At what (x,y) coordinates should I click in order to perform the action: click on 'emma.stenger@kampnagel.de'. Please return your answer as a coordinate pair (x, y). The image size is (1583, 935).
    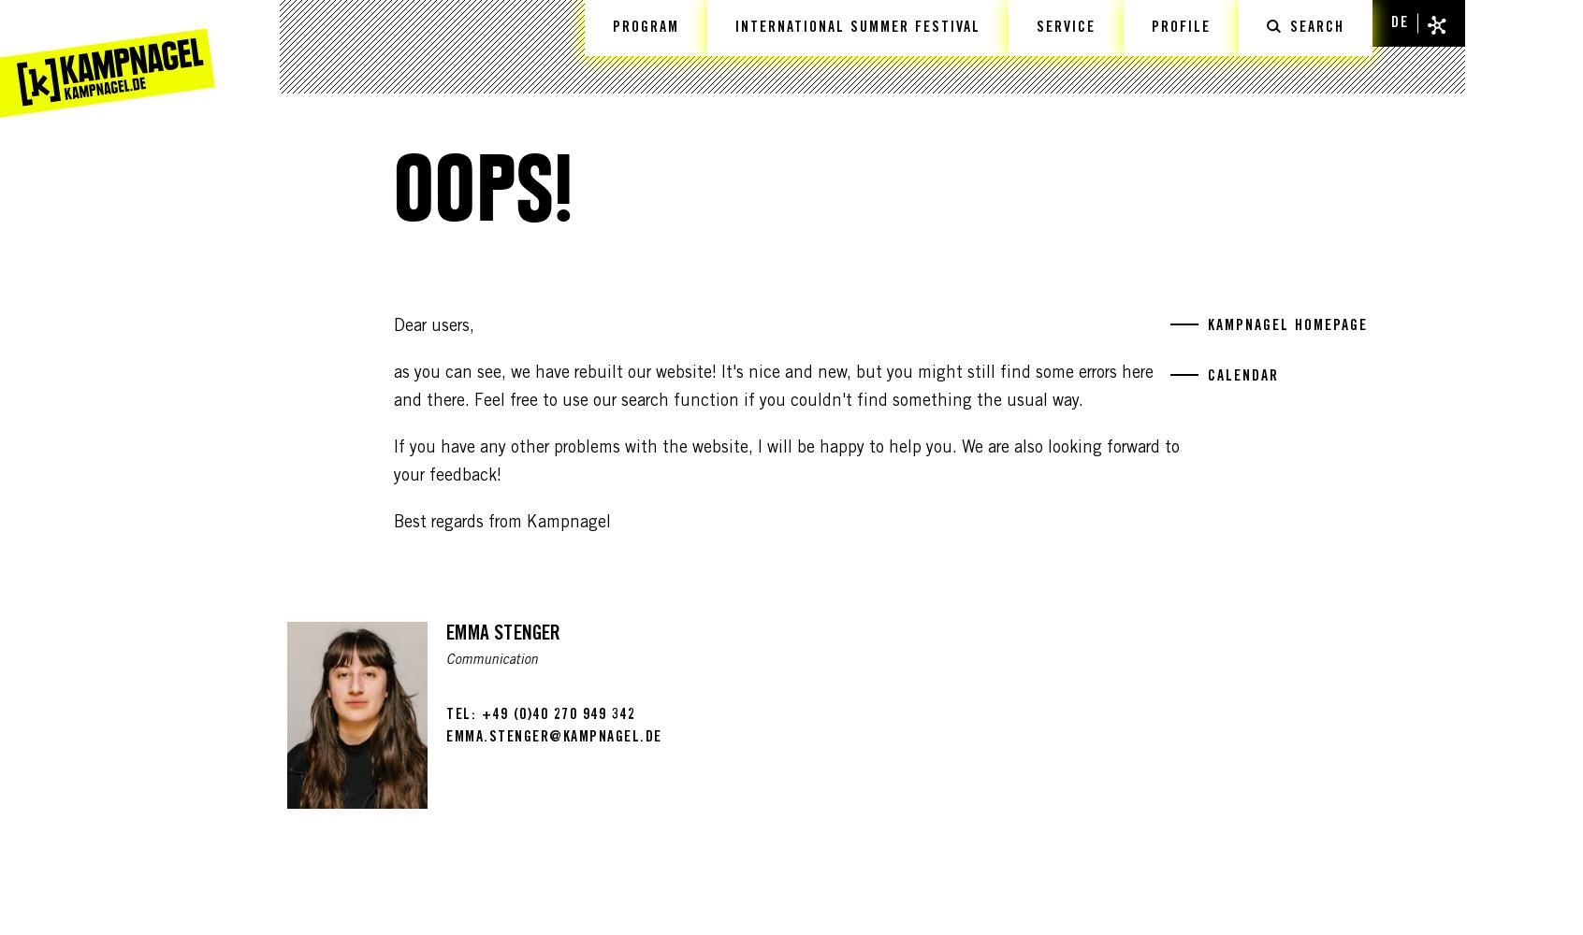
    Looking at the image, I should click on (553, 737).